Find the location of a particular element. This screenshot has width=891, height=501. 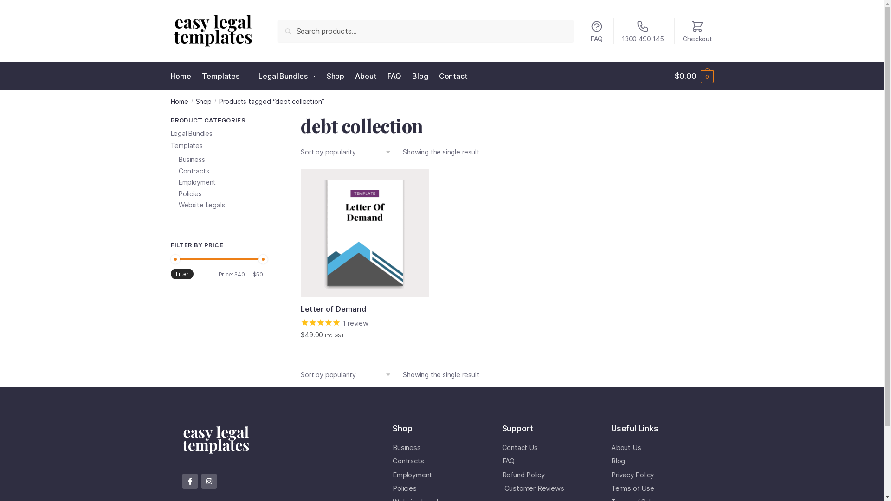

'About Us' is located at coordinates (656, 447).